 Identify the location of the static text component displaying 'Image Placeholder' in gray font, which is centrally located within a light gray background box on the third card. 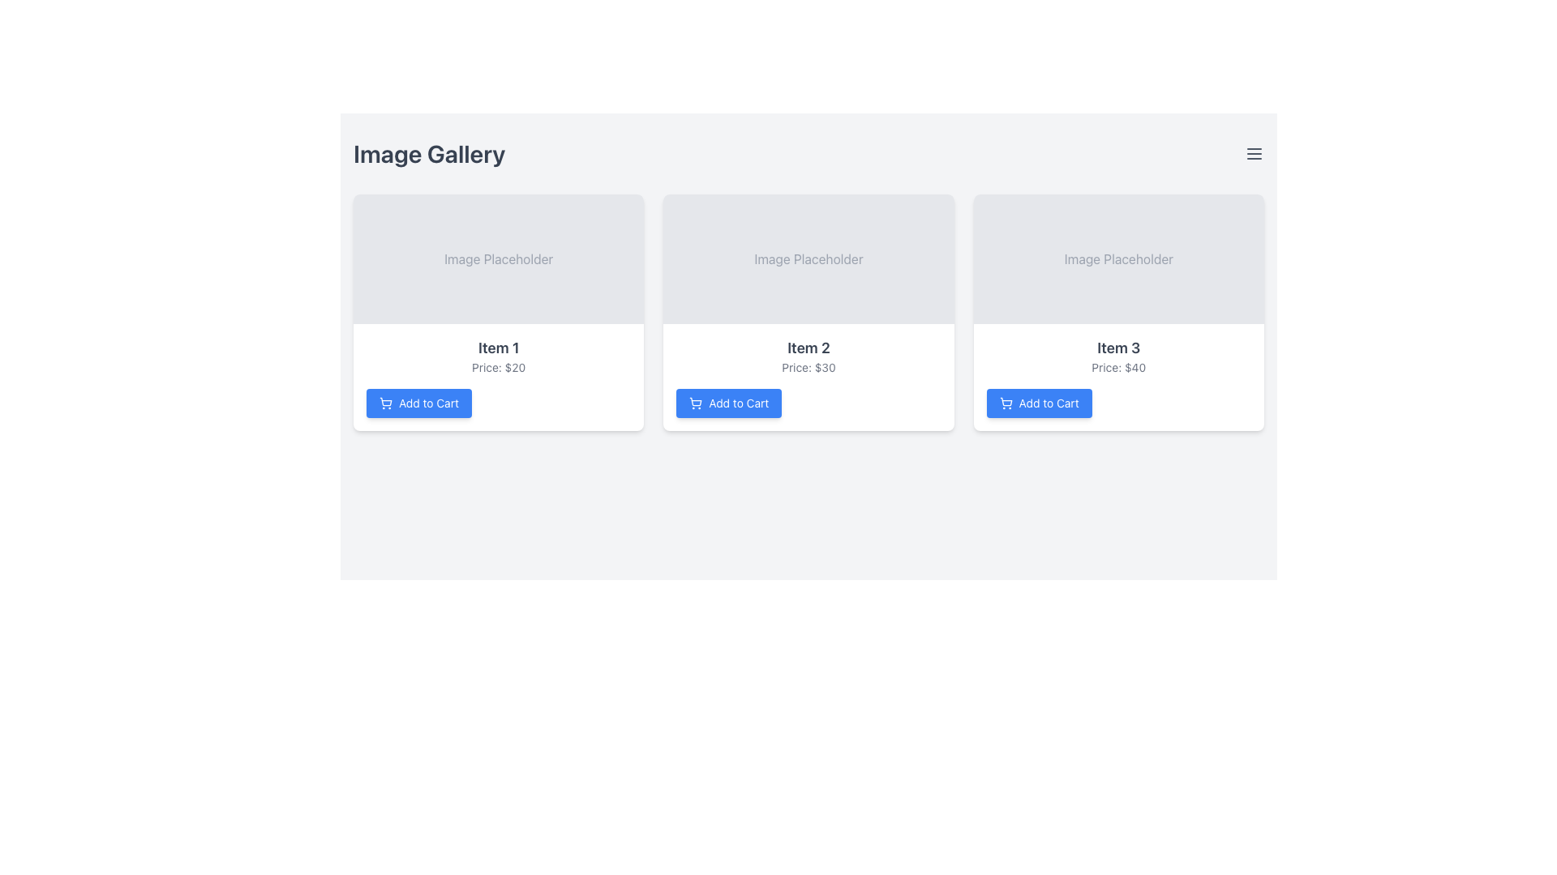
(1117, 258).